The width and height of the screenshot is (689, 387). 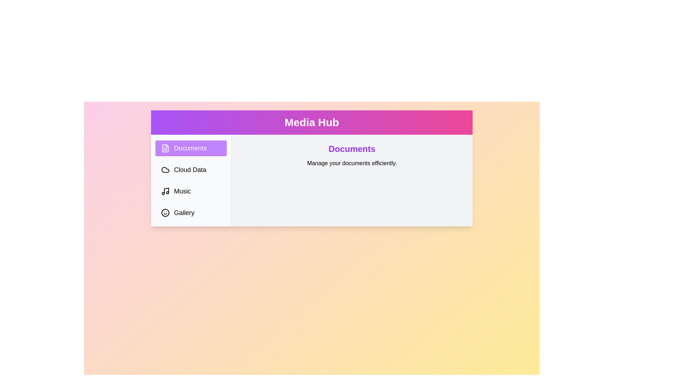 I want to click on the tab labeled Music from the sidebar, so click(x=191, y=191).